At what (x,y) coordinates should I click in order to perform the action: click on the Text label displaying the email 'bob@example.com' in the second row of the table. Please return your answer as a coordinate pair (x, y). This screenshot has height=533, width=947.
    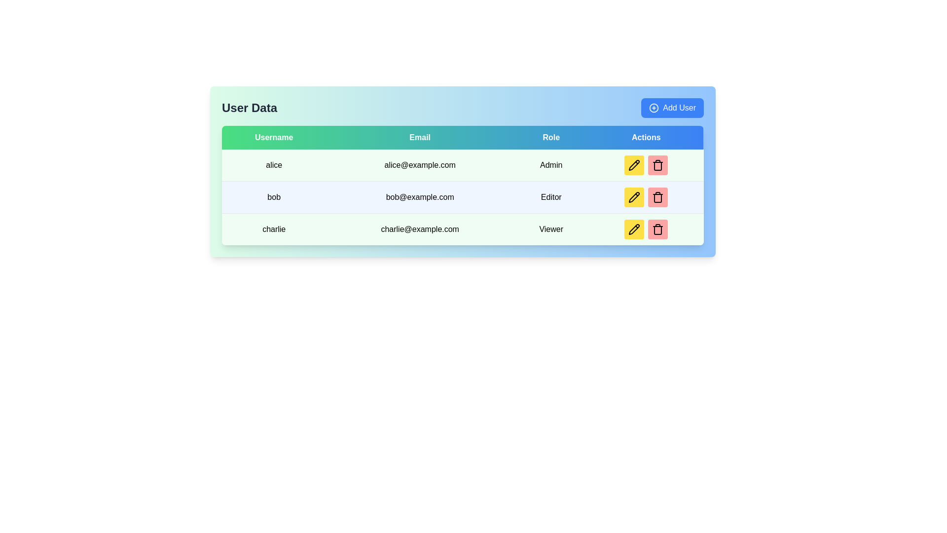
    Looking at the image, I should click on (420, 197).